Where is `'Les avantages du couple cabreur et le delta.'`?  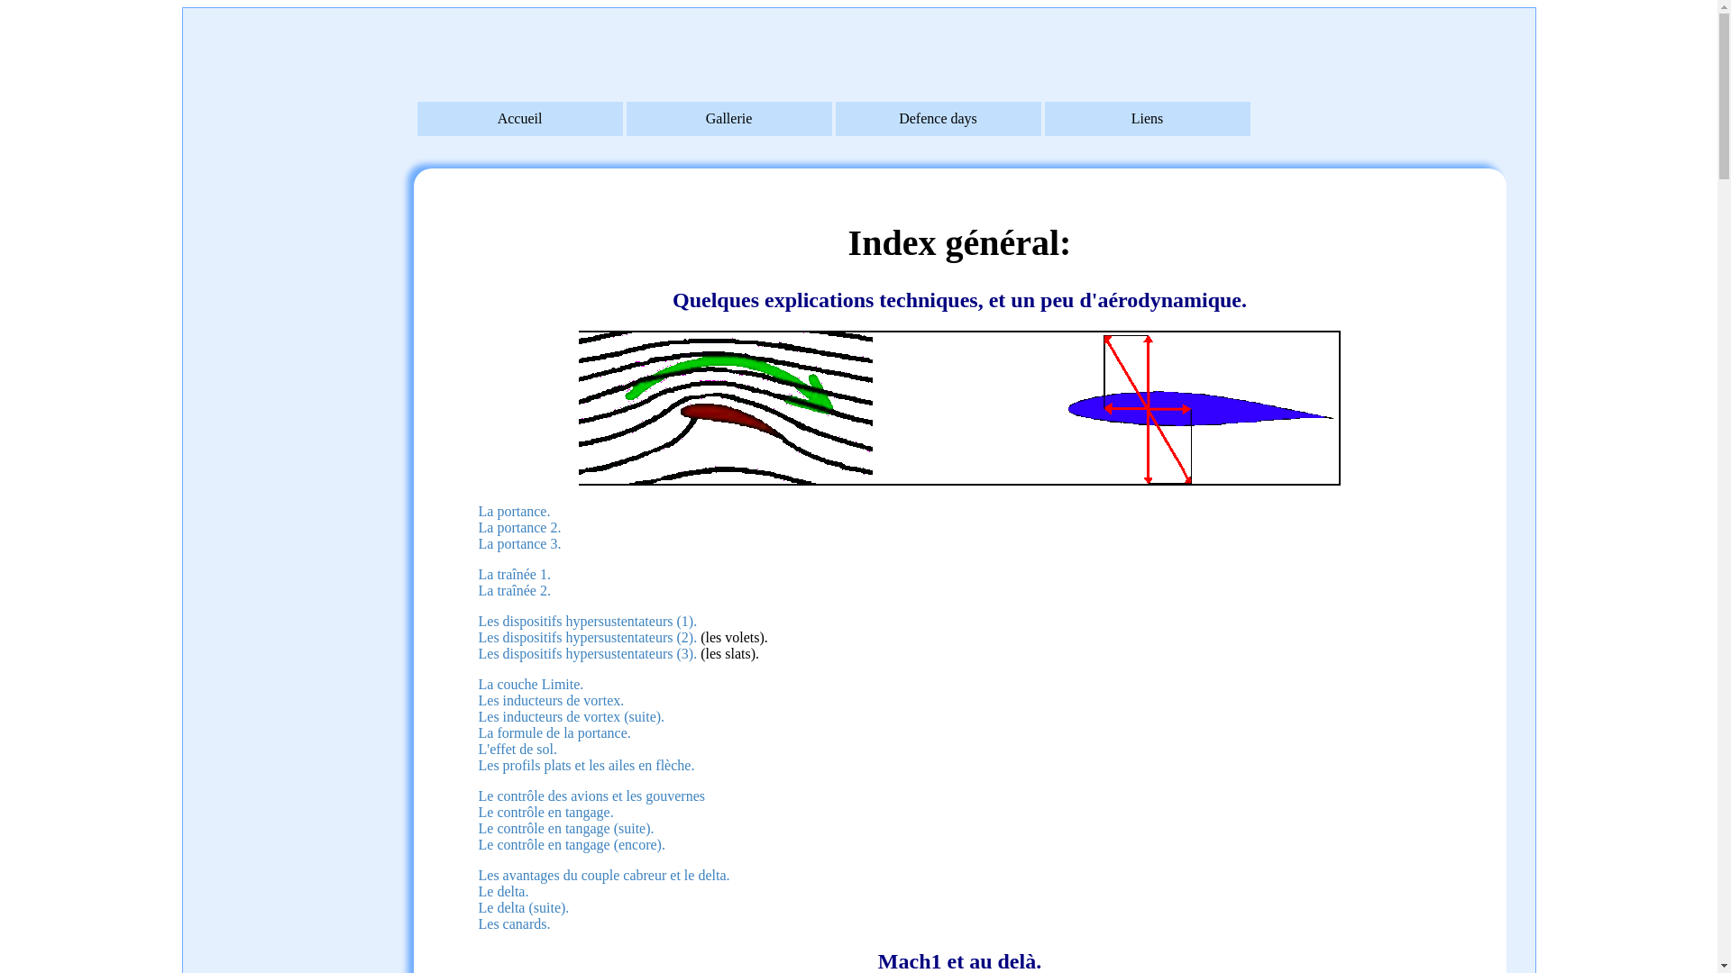
'Les avantages du couple cabreur et le delta.' is located at coordinates (603, 873).